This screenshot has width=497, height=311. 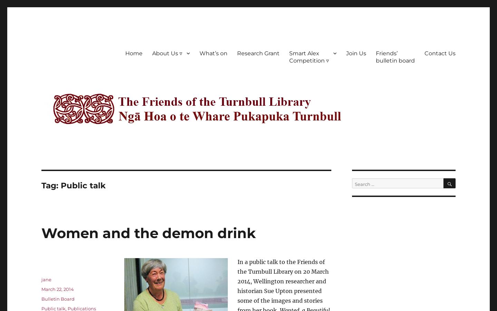 I want to click on 'About Us ▿', so click(x=152, y=53).